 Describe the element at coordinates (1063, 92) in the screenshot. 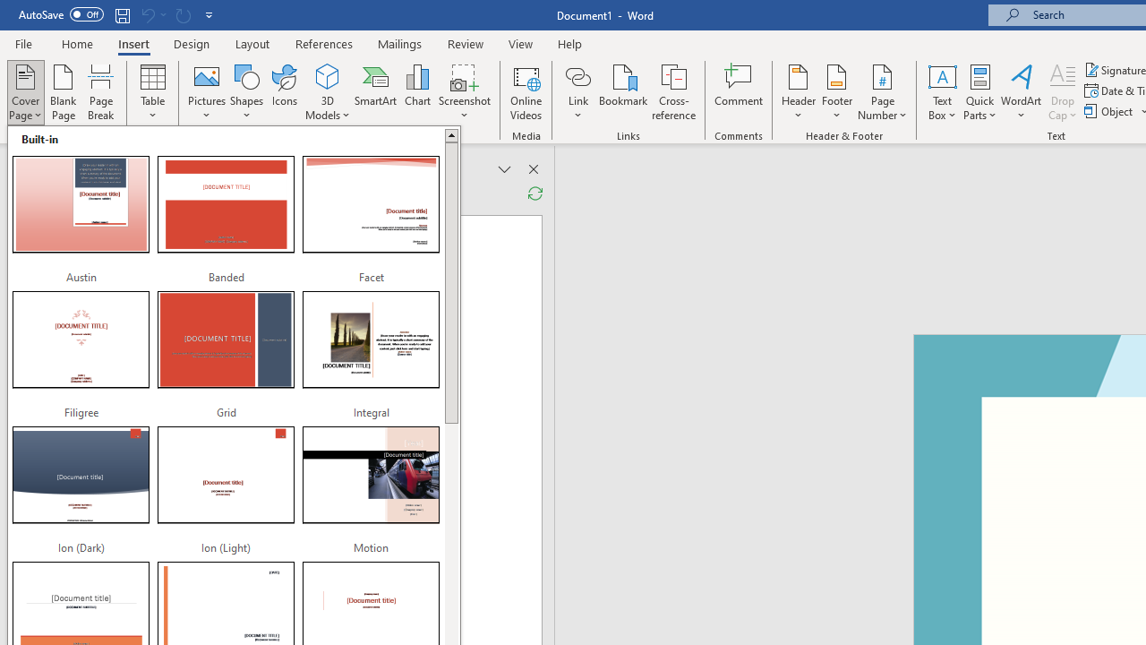

I see `'Drop Cap'` at that location.